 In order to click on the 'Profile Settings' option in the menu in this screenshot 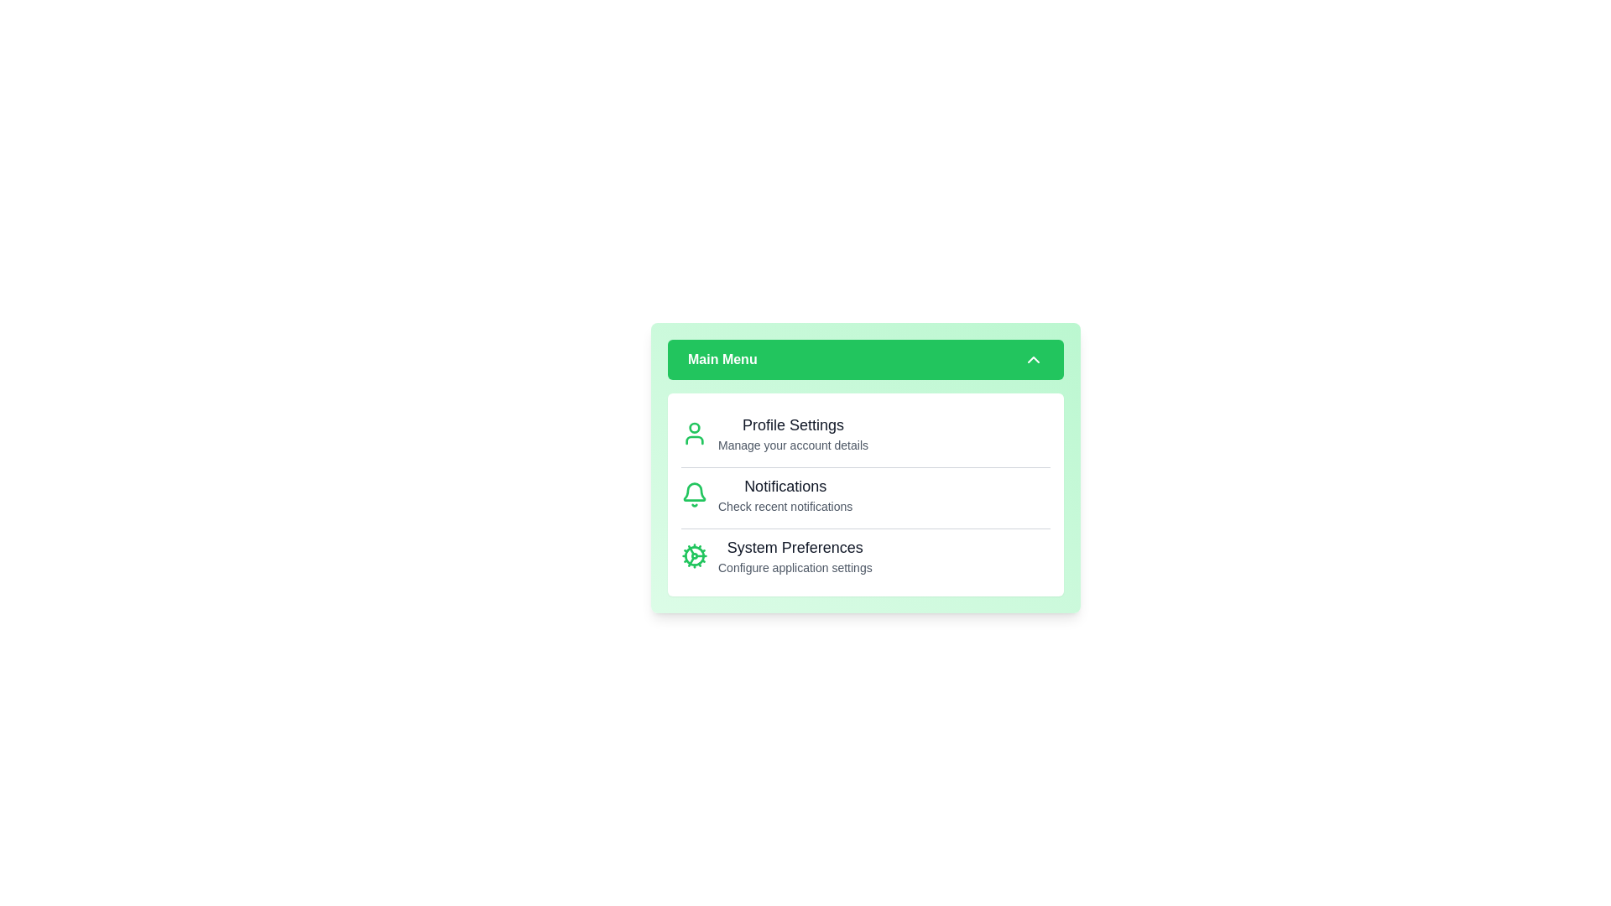, I will do `click(792, 424)`.